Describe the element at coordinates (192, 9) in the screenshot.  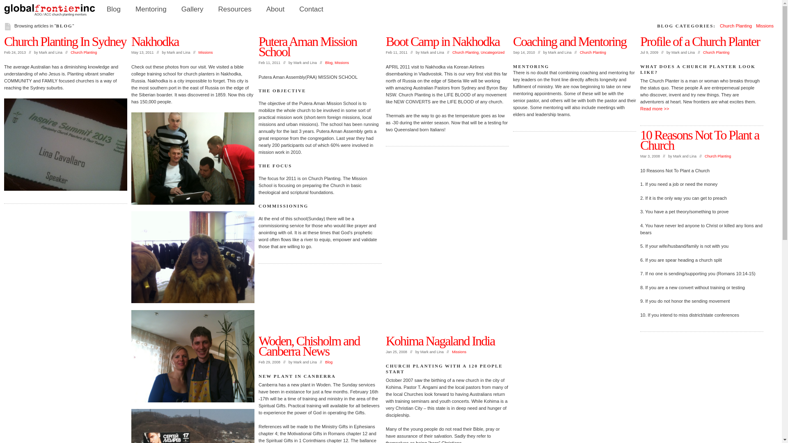
I see `'Gallery'` at that location.